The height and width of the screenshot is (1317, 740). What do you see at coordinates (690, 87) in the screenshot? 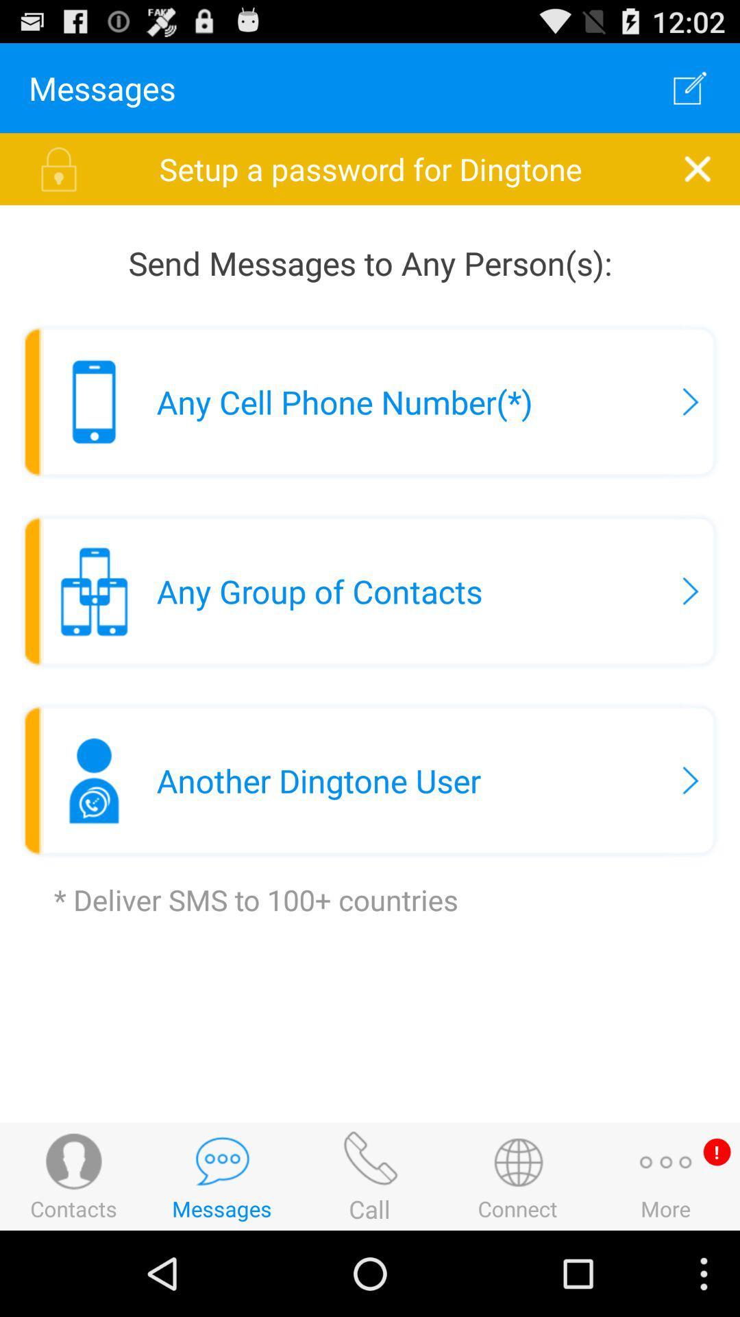
I see `the item next to the messages icon` at bounding box center [690, 87].